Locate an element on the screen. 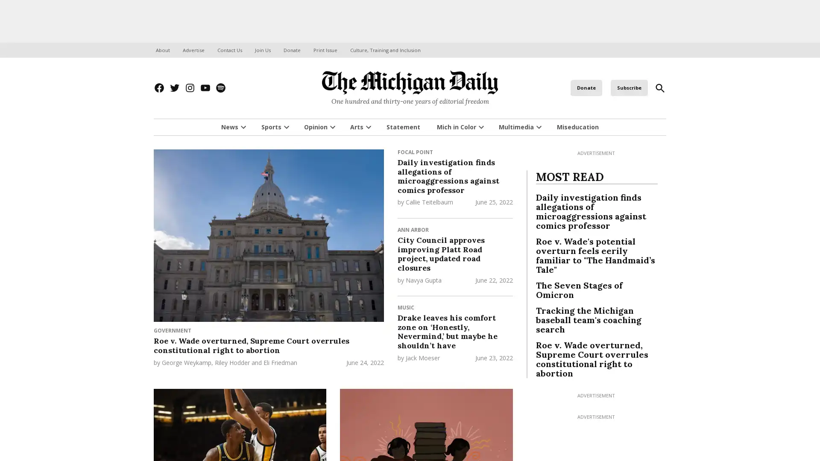 This screenshot has height=461, width=820. Open Search is located at coordinates (659, 88).